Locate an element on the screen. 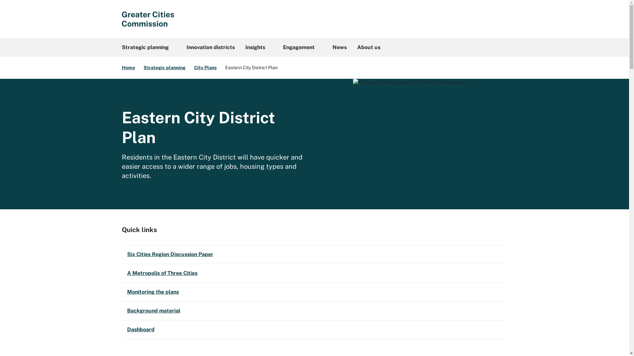 This screenshot has height=356, width=634. 'Skip to main content' is located at coordinates (0, 0).